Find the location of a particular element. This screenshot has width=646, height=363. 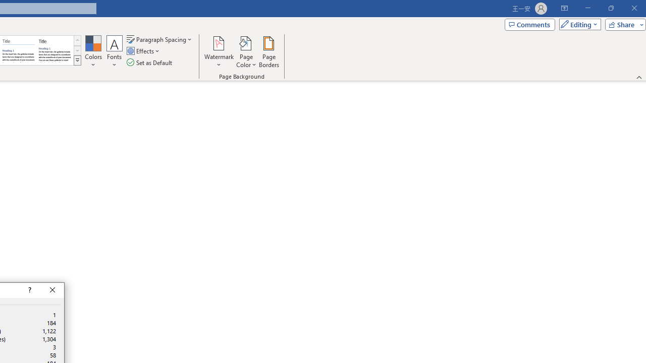

'Paragraph Spacing' is located at coordinates (159, 39).